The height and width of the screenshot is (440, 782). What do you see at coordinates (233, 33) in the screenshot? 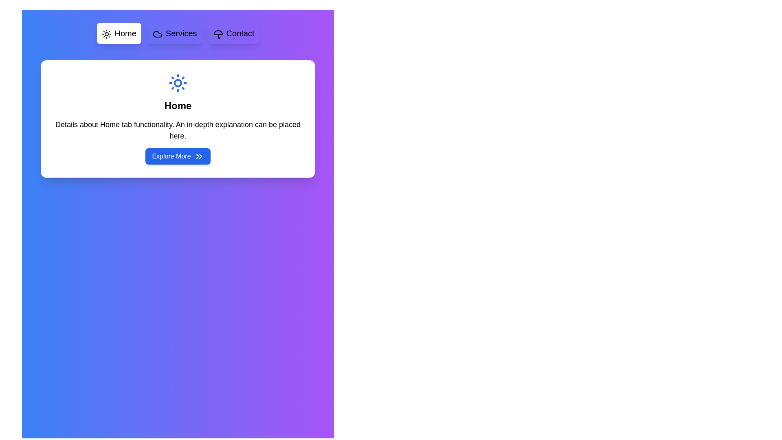
I see `the 'Contact' button, which is the last button in a group of three, styled with a purple background and an umbrella icon` at bounding box center [233, 33].